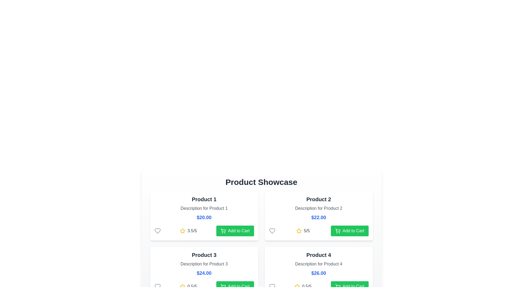 This screenshot has width=514, height=289. I want to click on the rating display consisting of a yellow outlined star icon followed by the text '5/5' in gray, located in the second product card under 'Product 2', to inspect rating details, so click(303, 231).